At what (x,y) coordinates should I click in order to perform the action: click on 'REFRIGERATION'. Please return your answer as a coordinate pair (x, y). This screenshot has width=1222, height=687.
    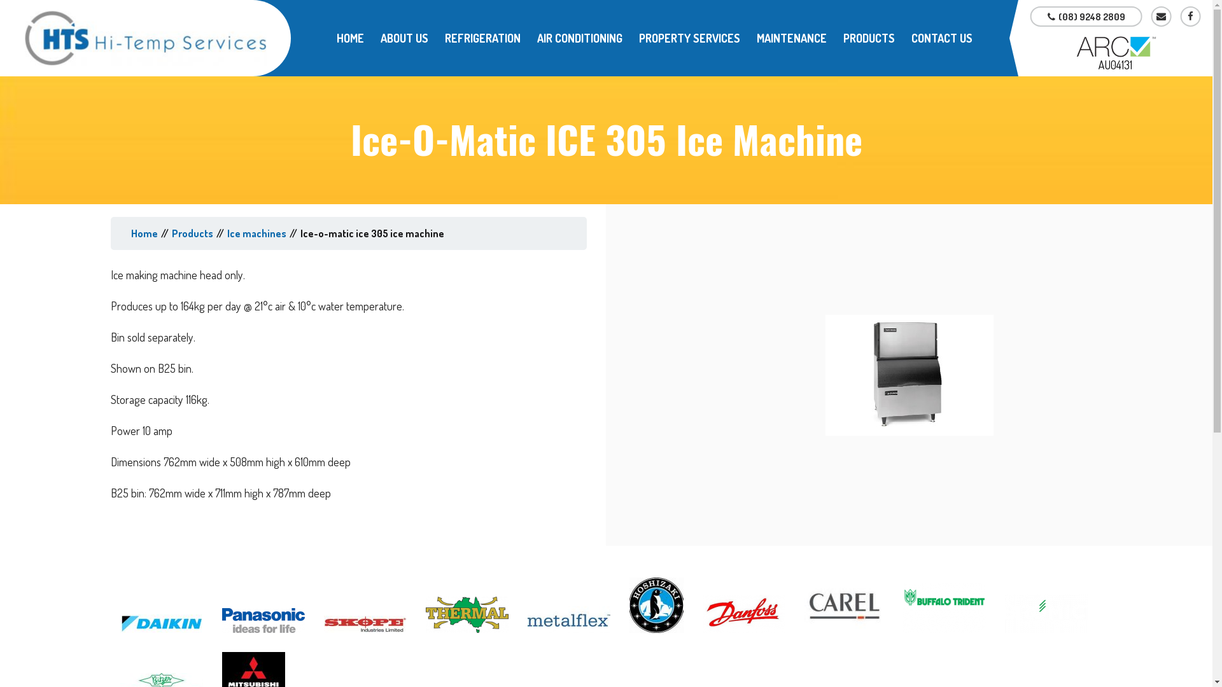
    Looking at the image, I should click on (482, 38).